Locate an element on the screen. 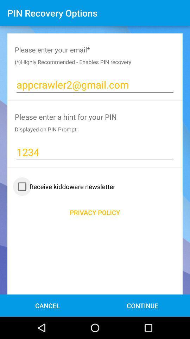 This screenshot has width=190, height=339. the item to the left of continue item is located at coordinates (47, 305).